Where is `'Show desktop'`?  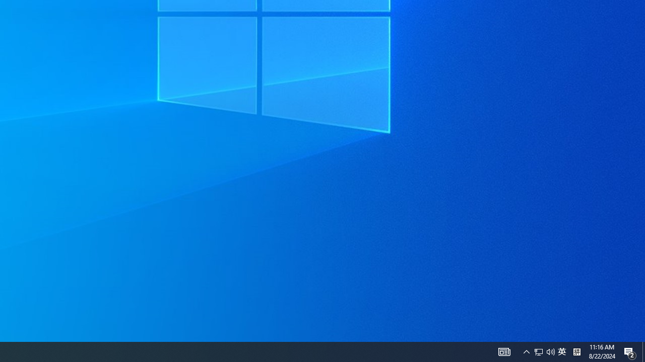
'Show desktop' is located at coordinates (643, 351).